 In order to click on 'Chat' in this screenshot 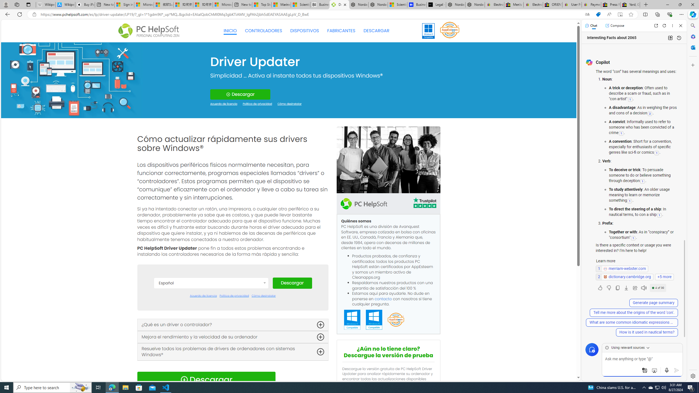, I will do `click(591, 25)`.